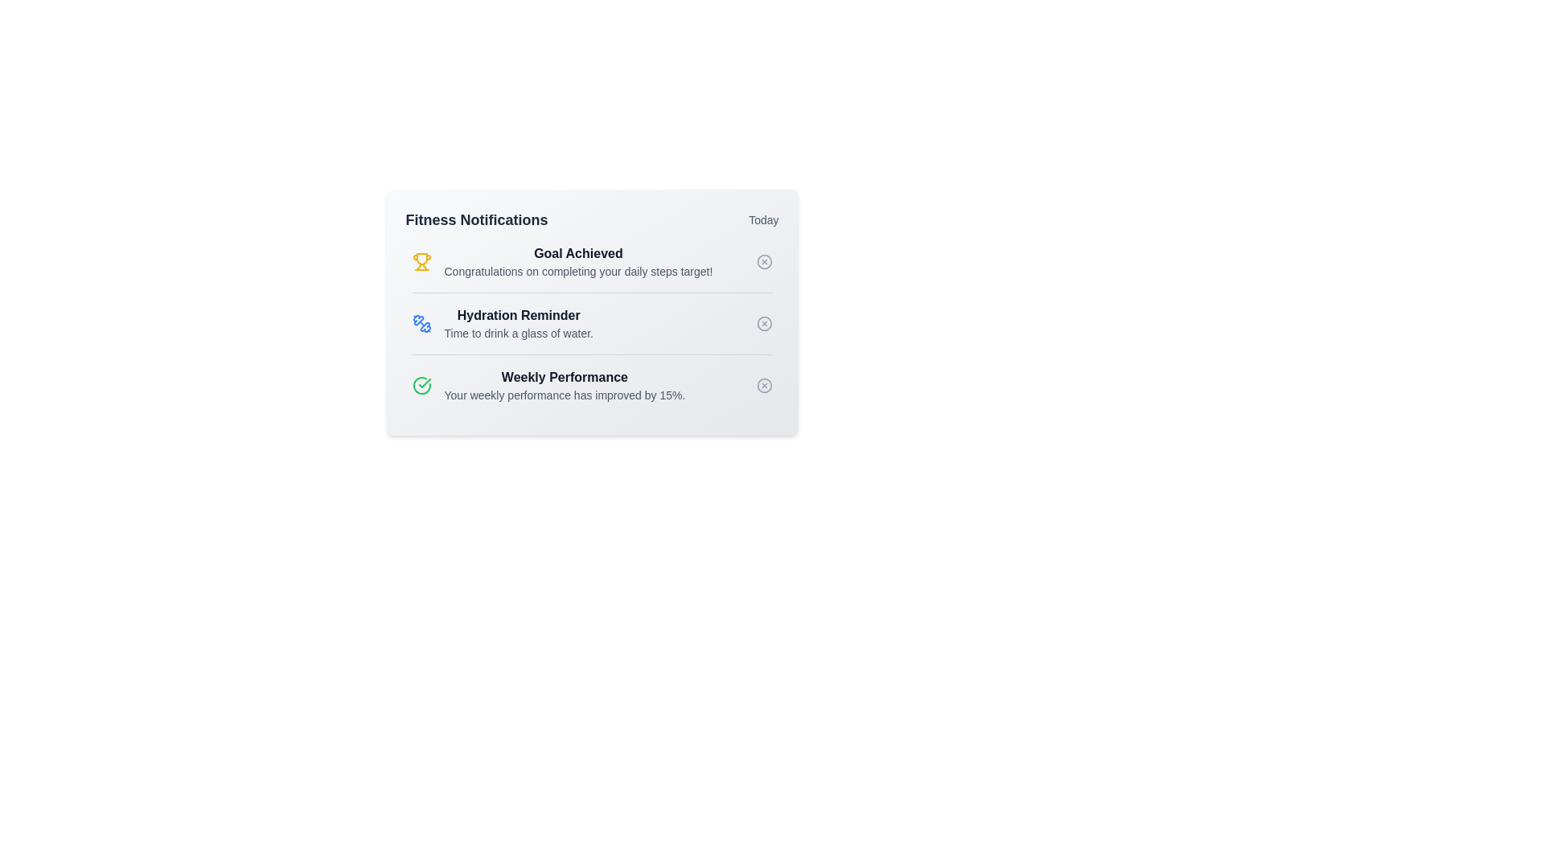 The height and width of the screenshot is (868, 1544). What do you see at coordinates (548, 385) in the screenshot?
I see `the checkmark icon in the third notification item under 'Fitness Notifications' to recognize the improved performance notification` at bounding box center [548, 385].